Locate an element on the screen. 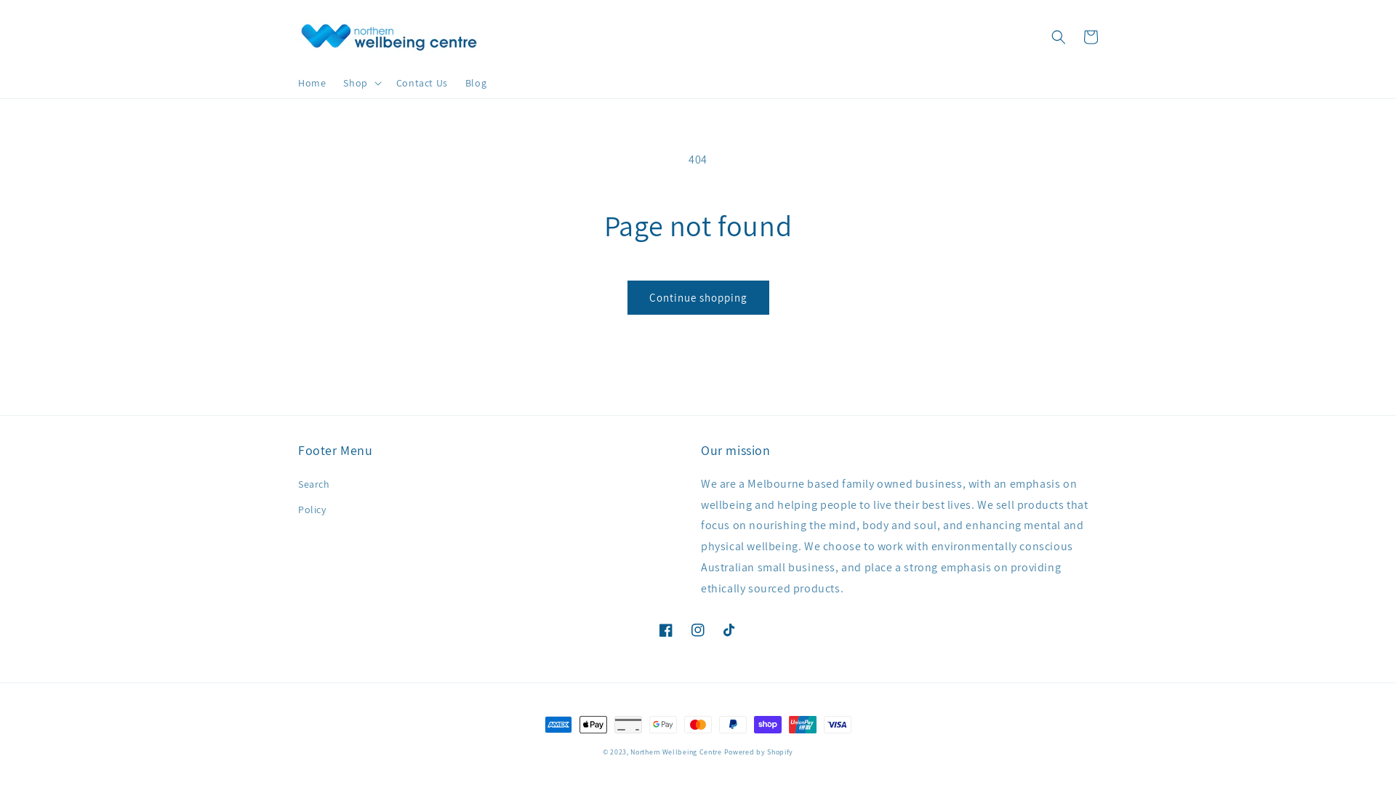  'Facebook' is located at coordinates (665, 629).